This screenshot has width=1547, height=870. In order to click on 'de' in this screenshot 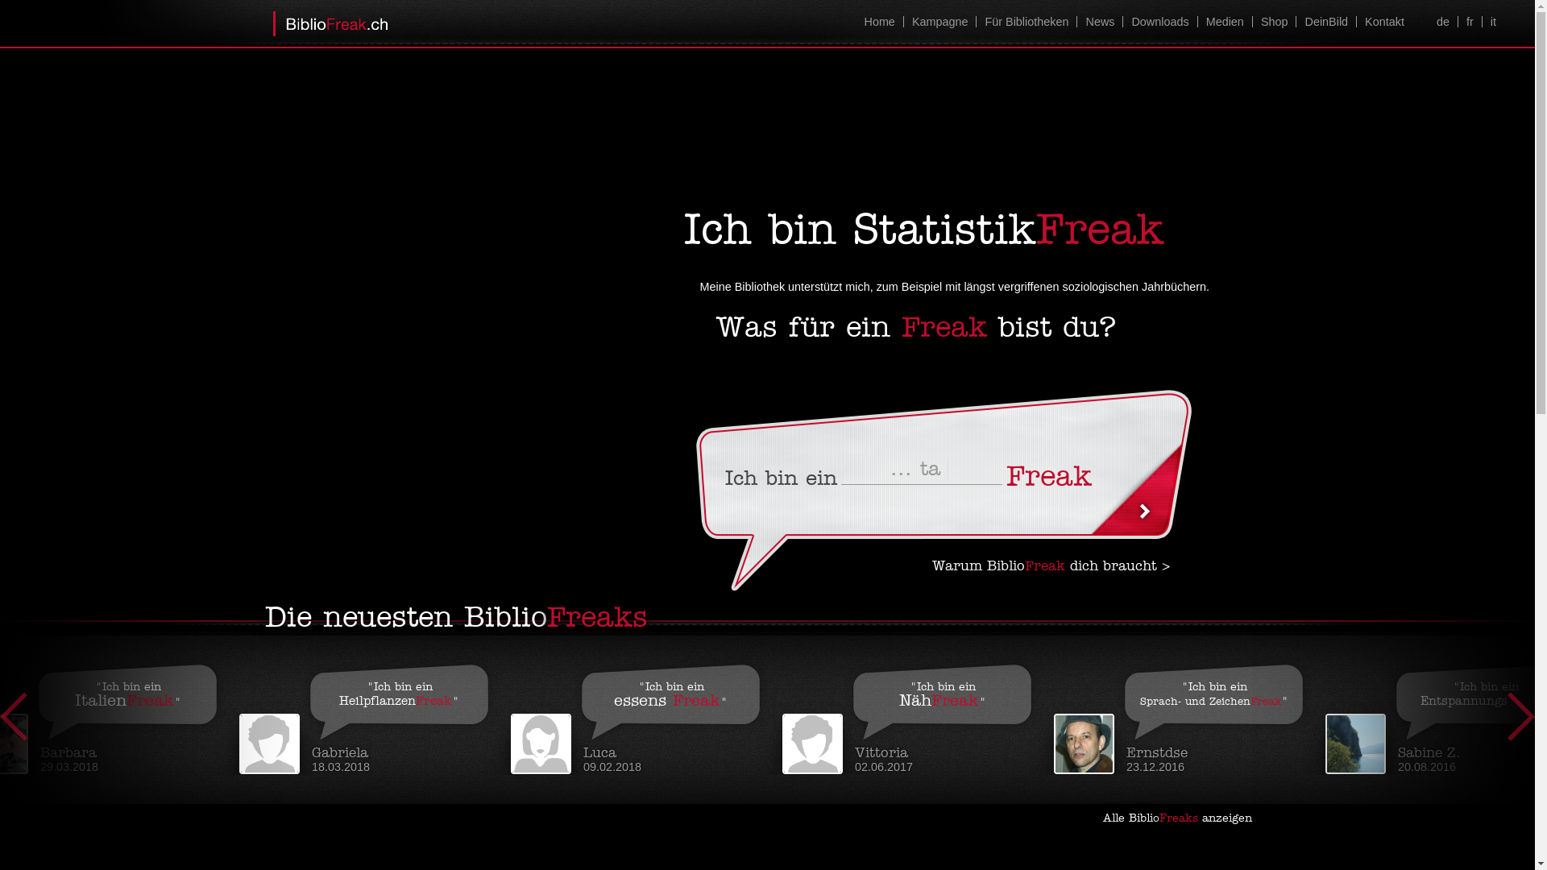, I will do `click(1442, 22)`.